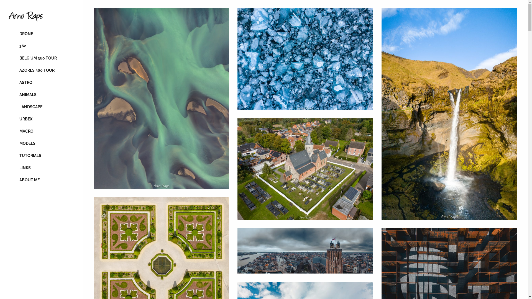  What do you see at coordinates (41, 45) in the screenshot?
I see `'360'` at bounding box center [41, 45].